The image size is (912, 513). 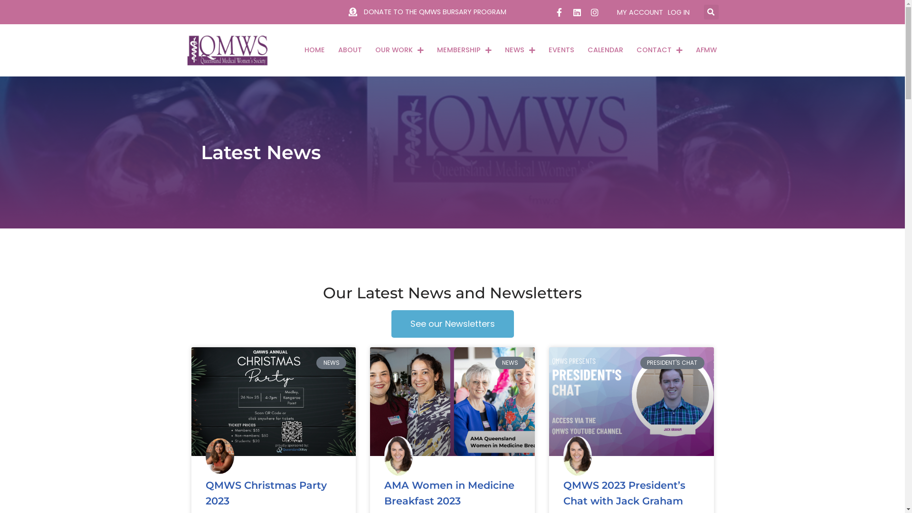 I want to click on 'OUR WORK', so click(x=399, y=50).